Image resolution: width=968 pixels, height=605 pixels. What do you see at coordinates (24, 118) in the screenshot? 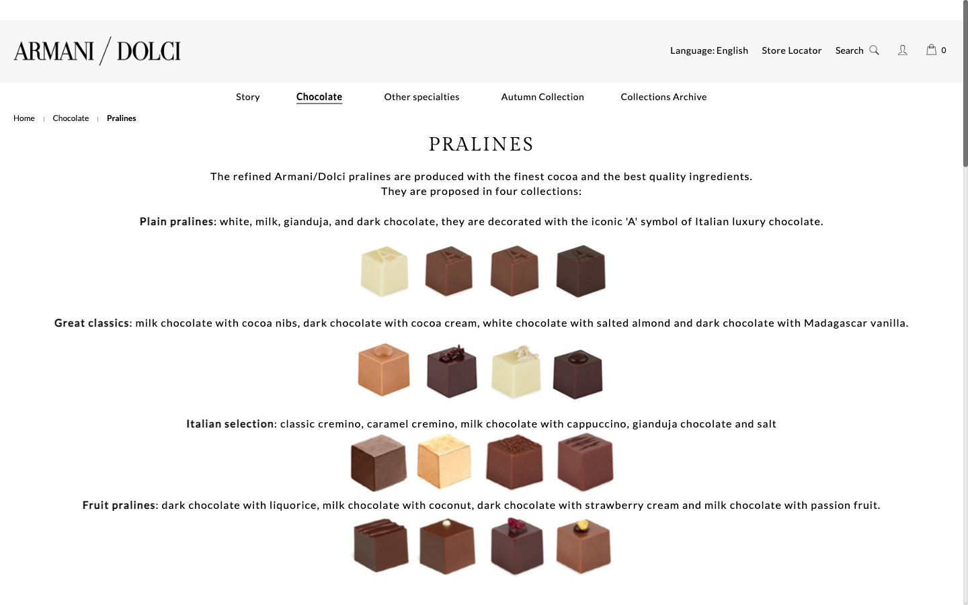
I see `Redirect to the Armani/dolci homepage by clicking on the home menu item in the left below the logo` at bounding box center [24, 118].